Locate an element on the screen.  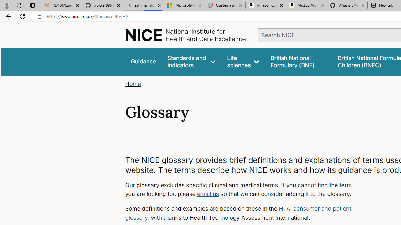
'Home' is located at coordinates (133, 84).